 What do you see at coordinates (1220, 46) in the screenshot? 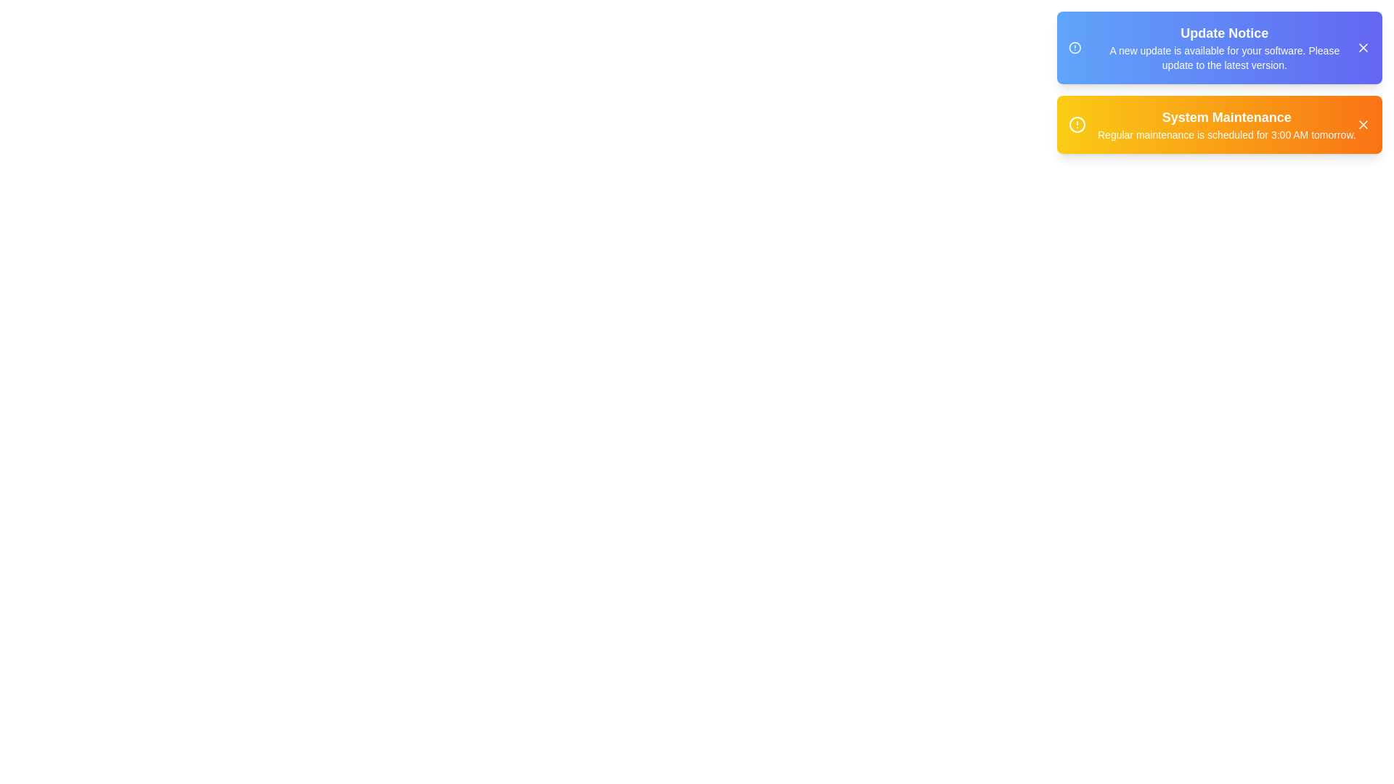
I see `the alert to examine its title and content closely` at bounding box center [1220, 46].